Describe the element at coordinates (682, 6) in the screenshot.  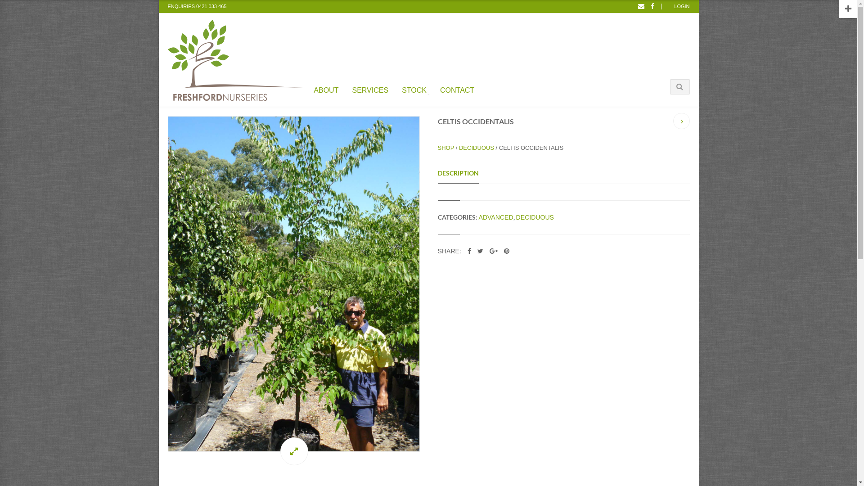
I see `'LOGIN'` at that location.